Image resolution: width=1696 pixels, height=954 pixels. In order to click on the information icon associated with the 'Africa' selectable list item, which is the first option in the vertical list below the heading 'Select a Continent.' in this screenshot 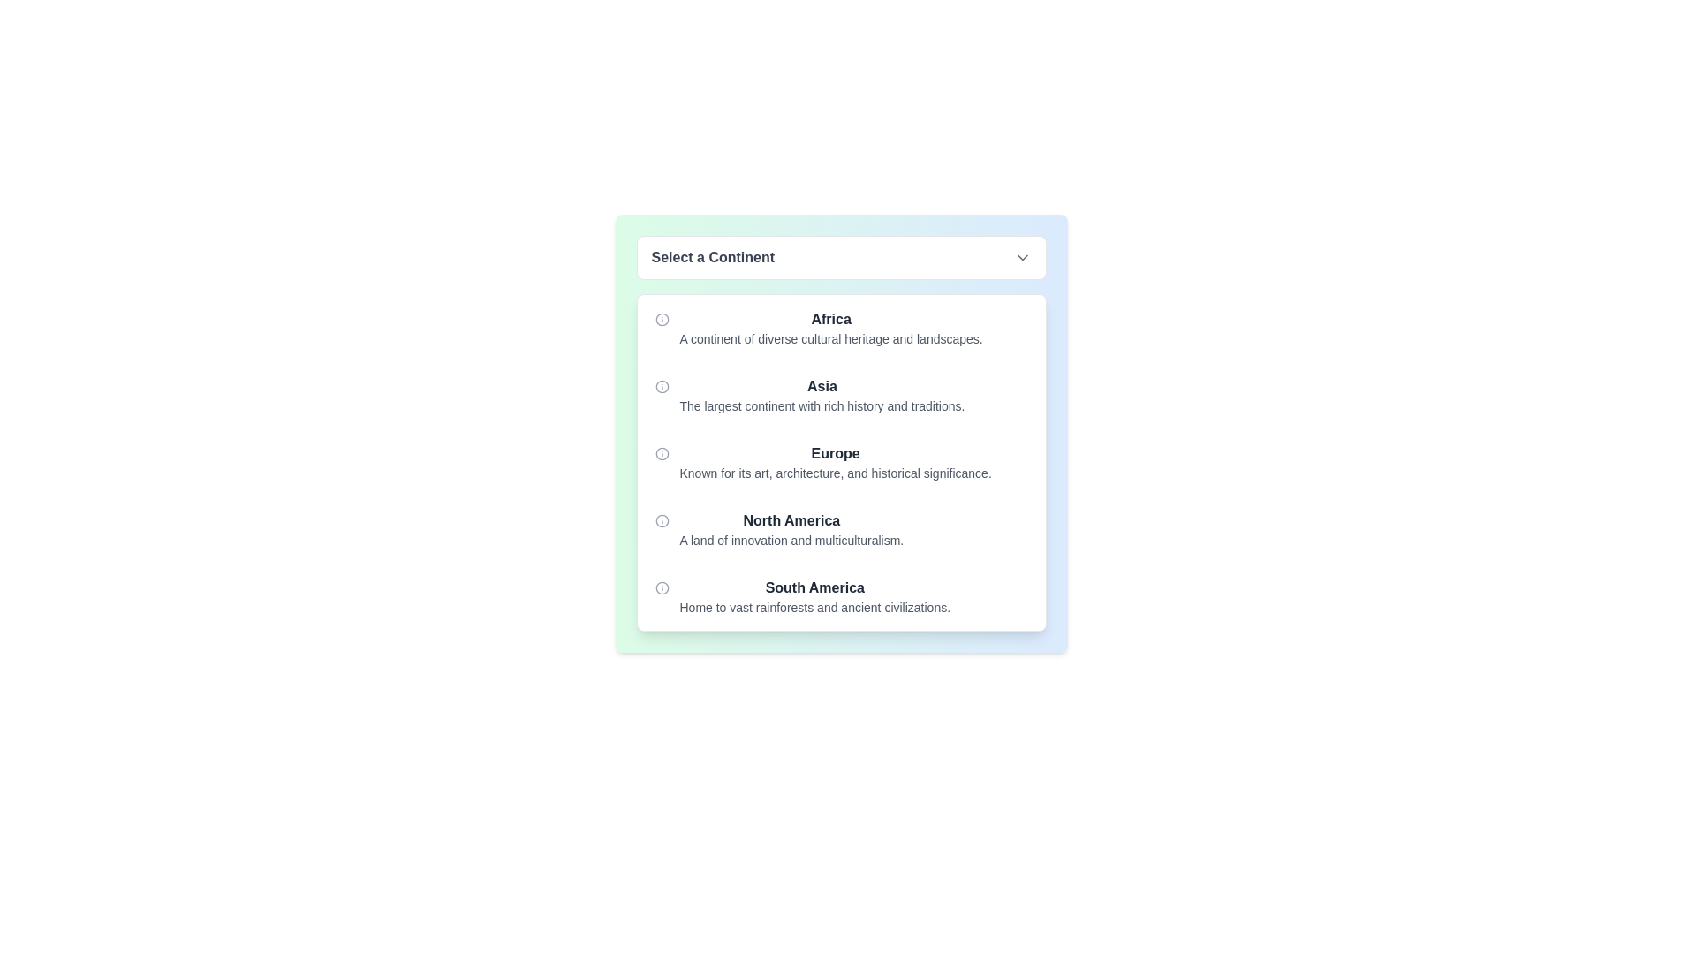, I will do `click(840, 328)`.